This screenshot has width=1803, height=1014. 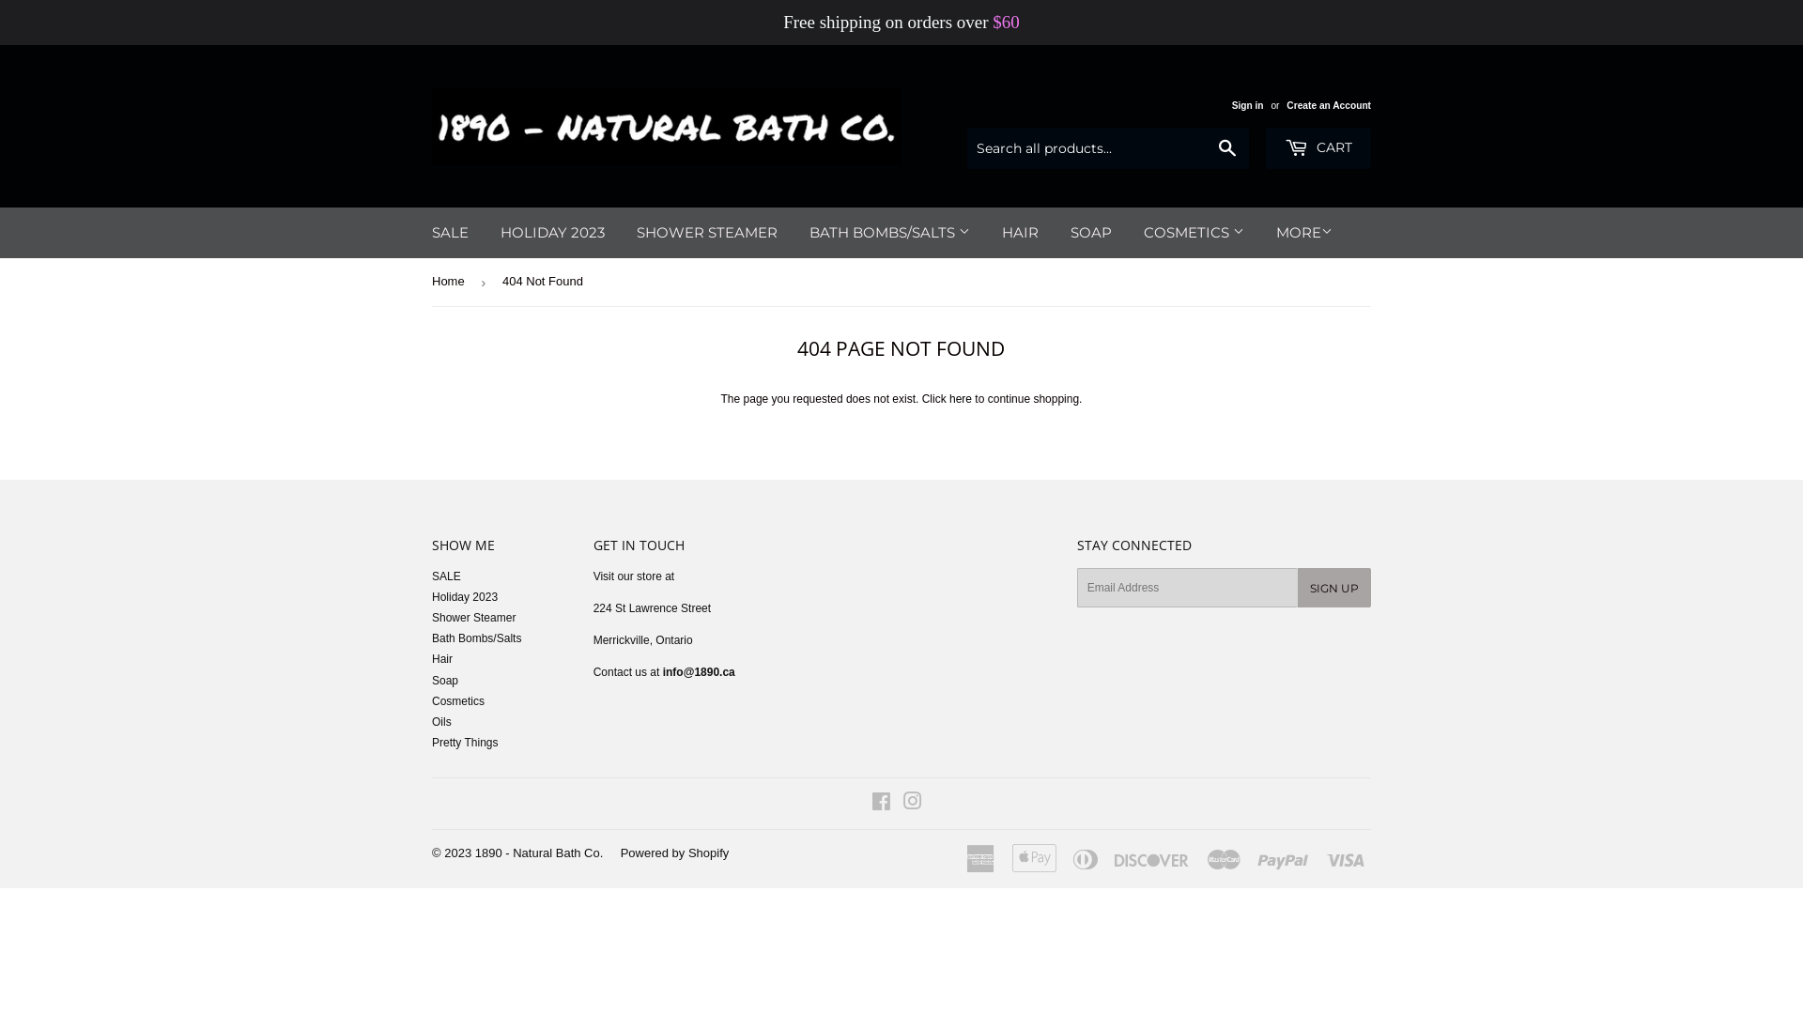 What do you see at coordinates (551, 231) in the screenshot?
I see `'HOLIDAY 2023'` at bounding box center [551, 231].